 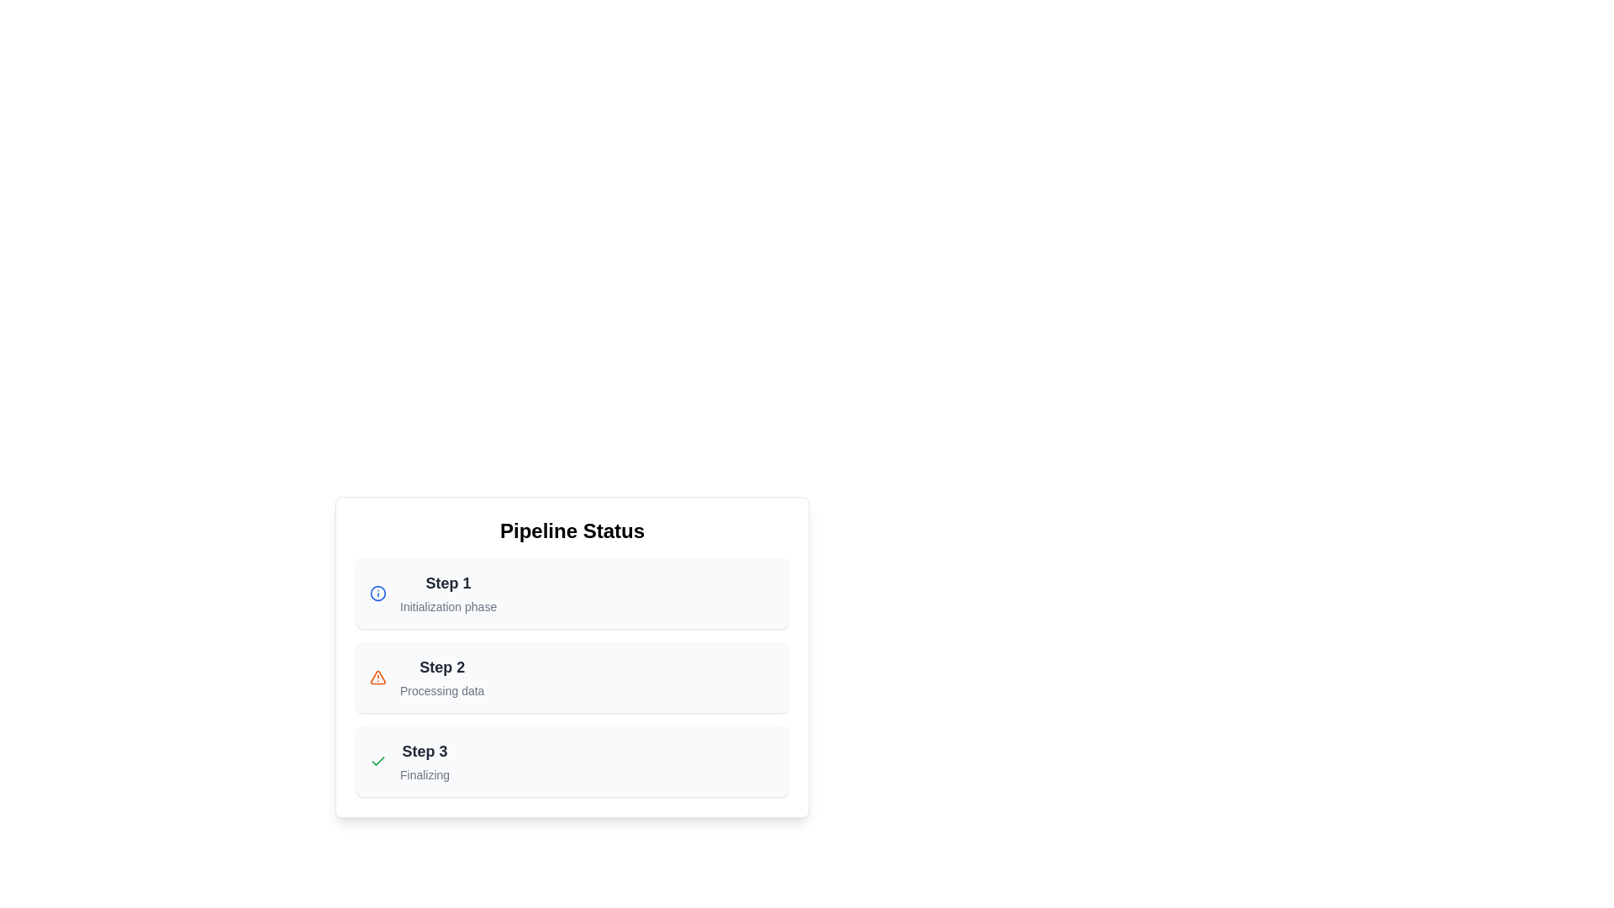 What do you see at coordinates (572, 657) in the screenshot?
I see `the informational card labeled 'Step 2' with a warning icon and descriptive text 'Processing data' located within the 'Pipeline Status' section` at bounding box center [572, 657].